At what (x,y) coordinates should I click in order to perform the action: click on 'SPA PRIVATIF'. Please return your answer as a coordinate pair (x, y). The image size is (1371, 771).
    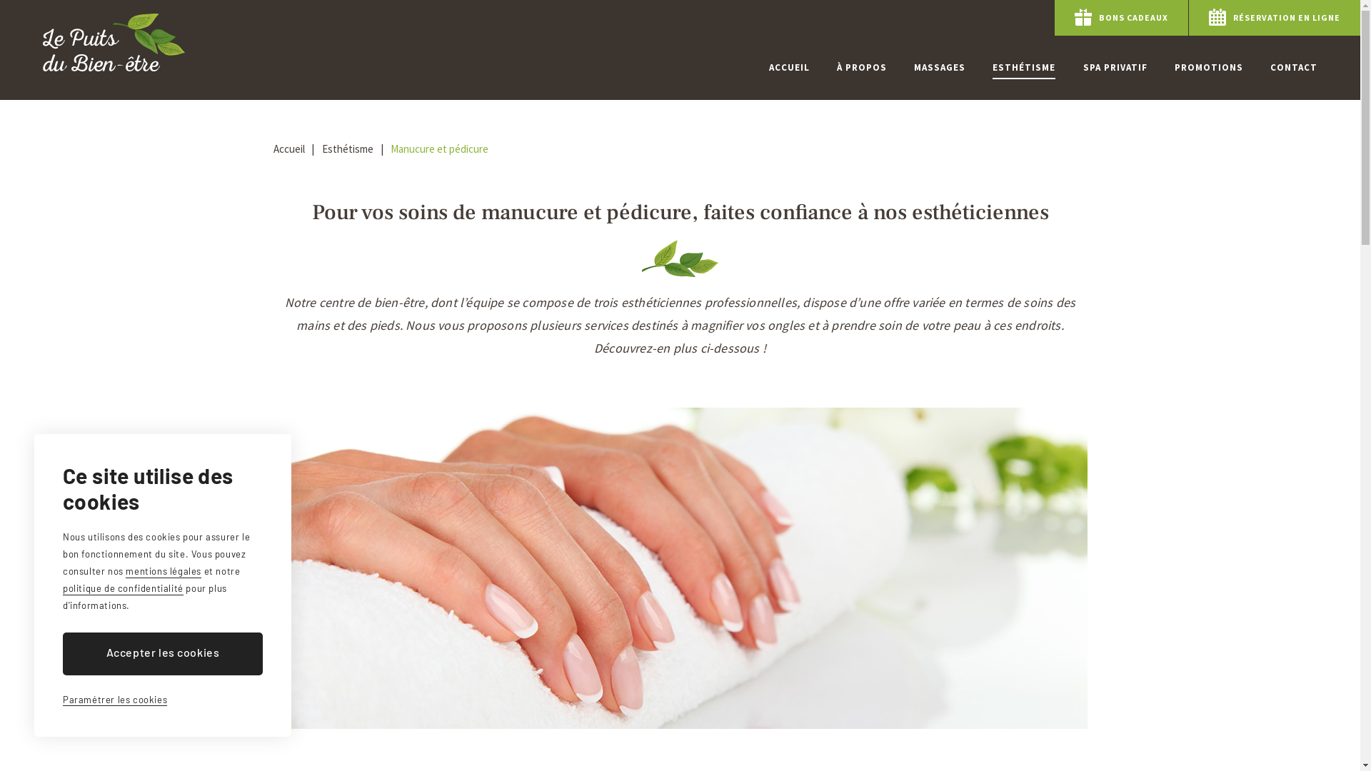
    Looking at the image, I should click on (1114, 68).